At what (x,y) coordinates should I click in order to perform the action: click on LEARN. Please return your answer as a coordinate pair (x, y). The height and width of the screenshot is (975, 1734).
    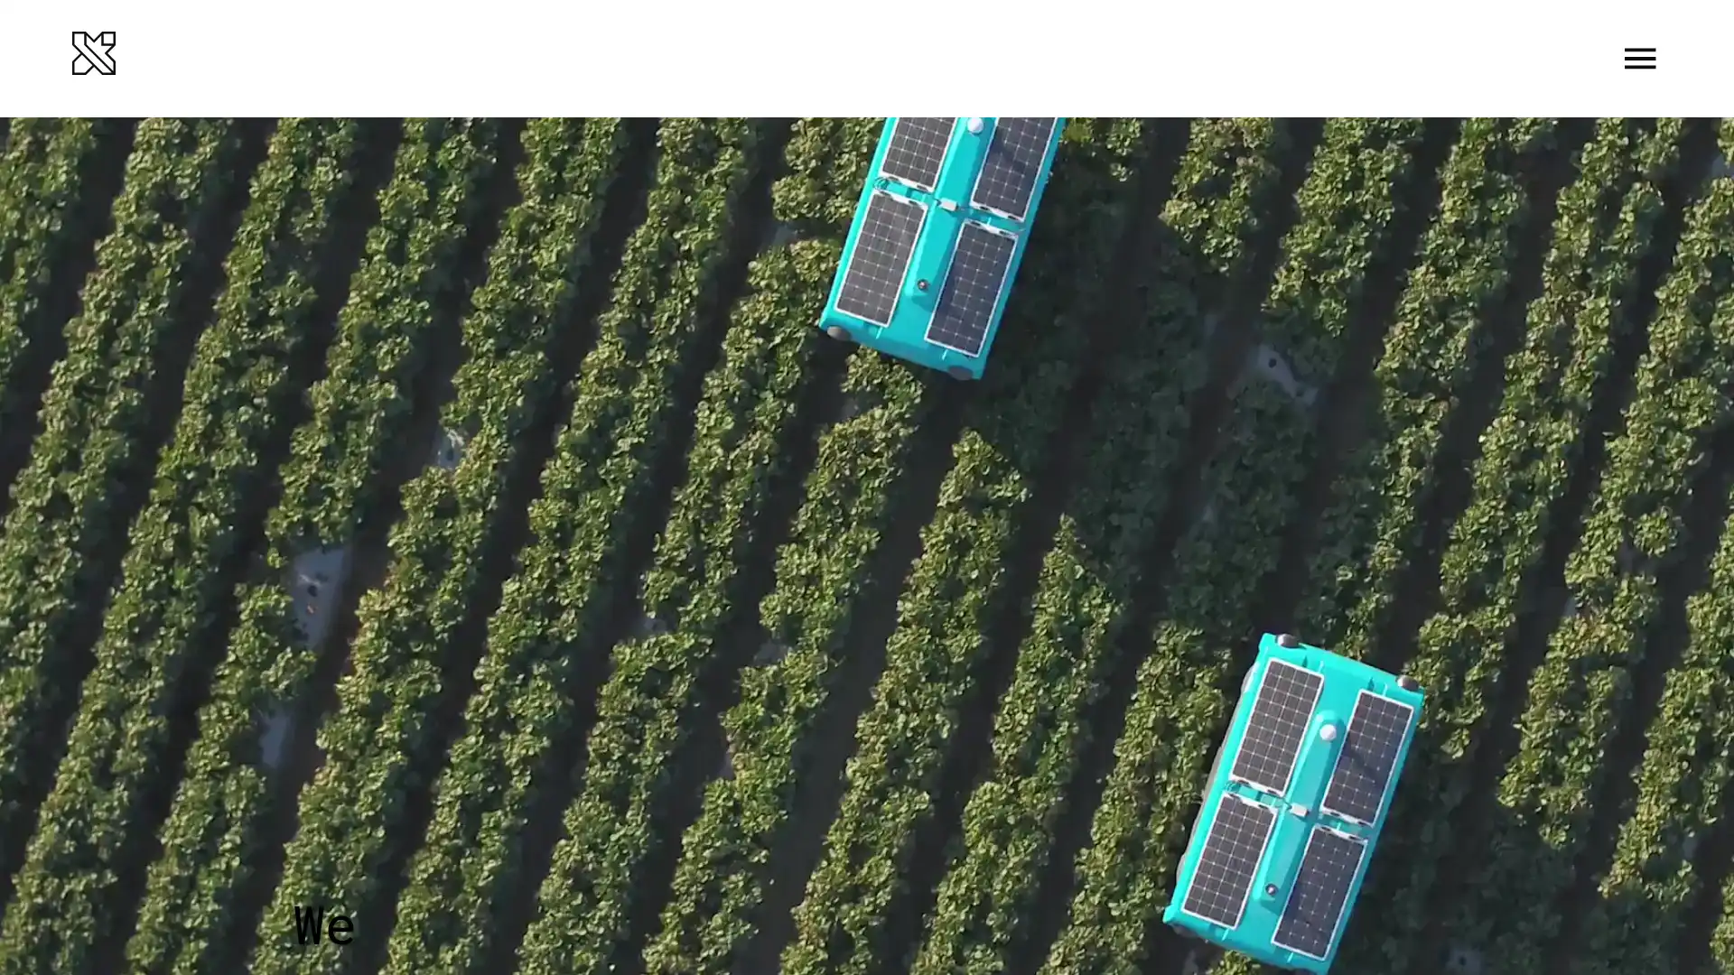
    Looking at the image, I should click on (1266, 239).